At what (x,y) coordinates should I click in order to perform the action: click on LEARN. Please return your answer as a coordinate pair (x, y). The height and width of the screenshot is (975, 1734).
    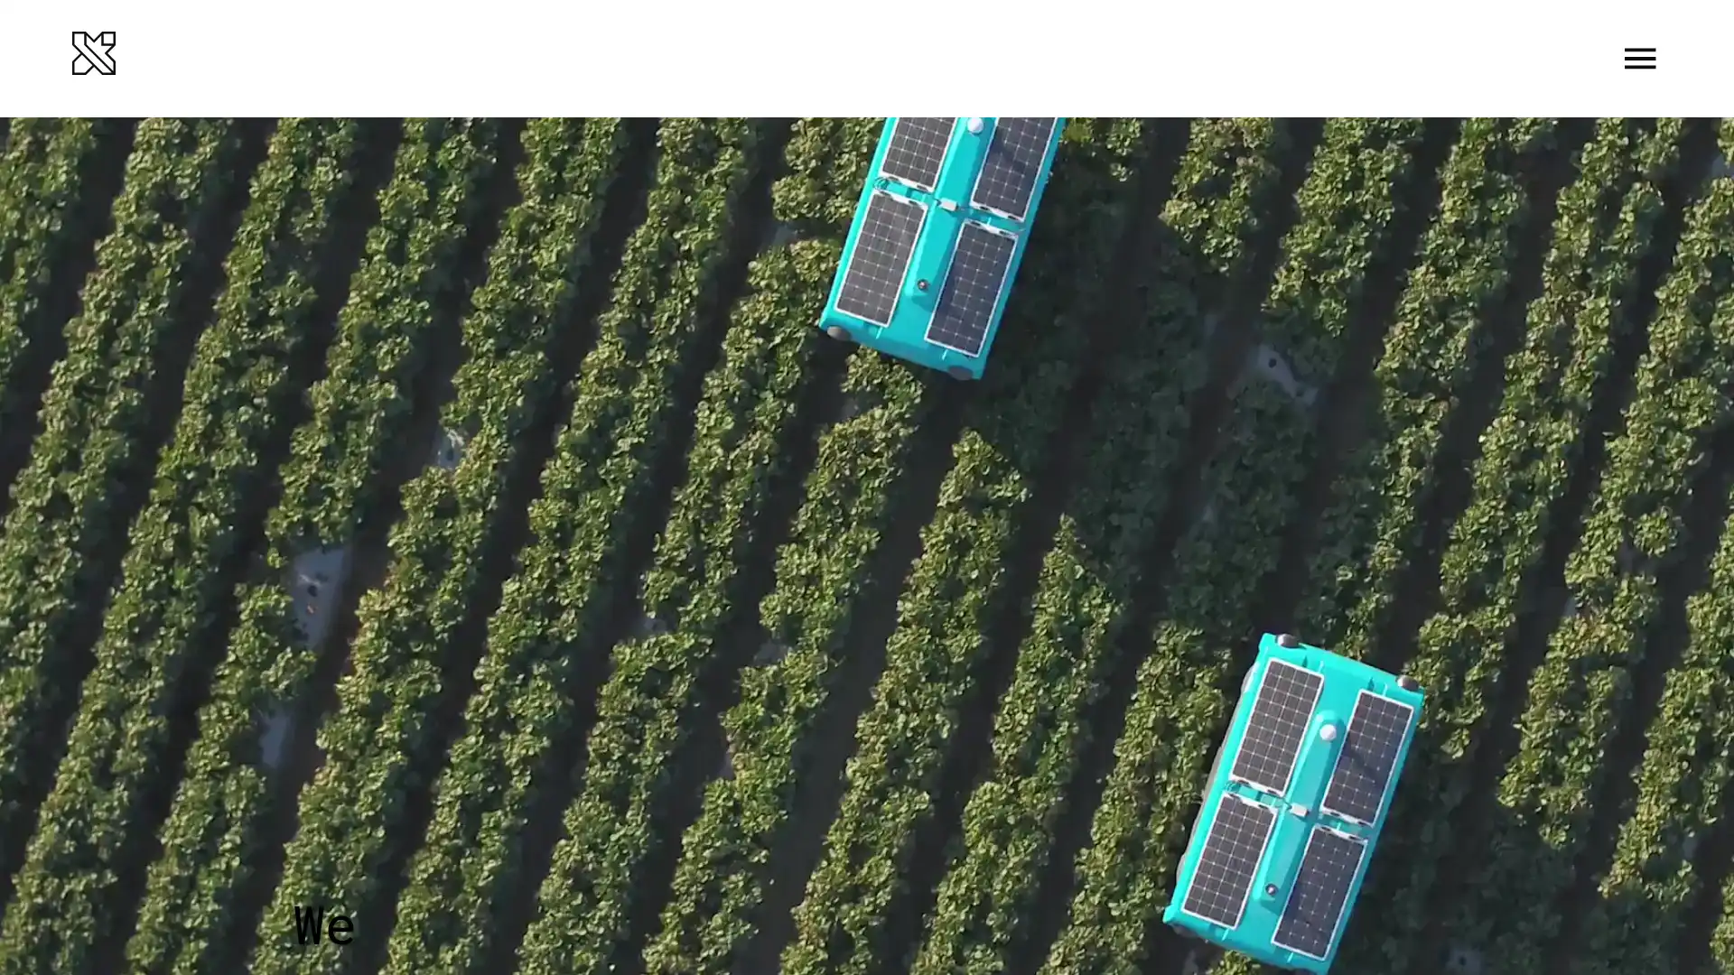
    Looking at the image, I should click on (1266, 239).